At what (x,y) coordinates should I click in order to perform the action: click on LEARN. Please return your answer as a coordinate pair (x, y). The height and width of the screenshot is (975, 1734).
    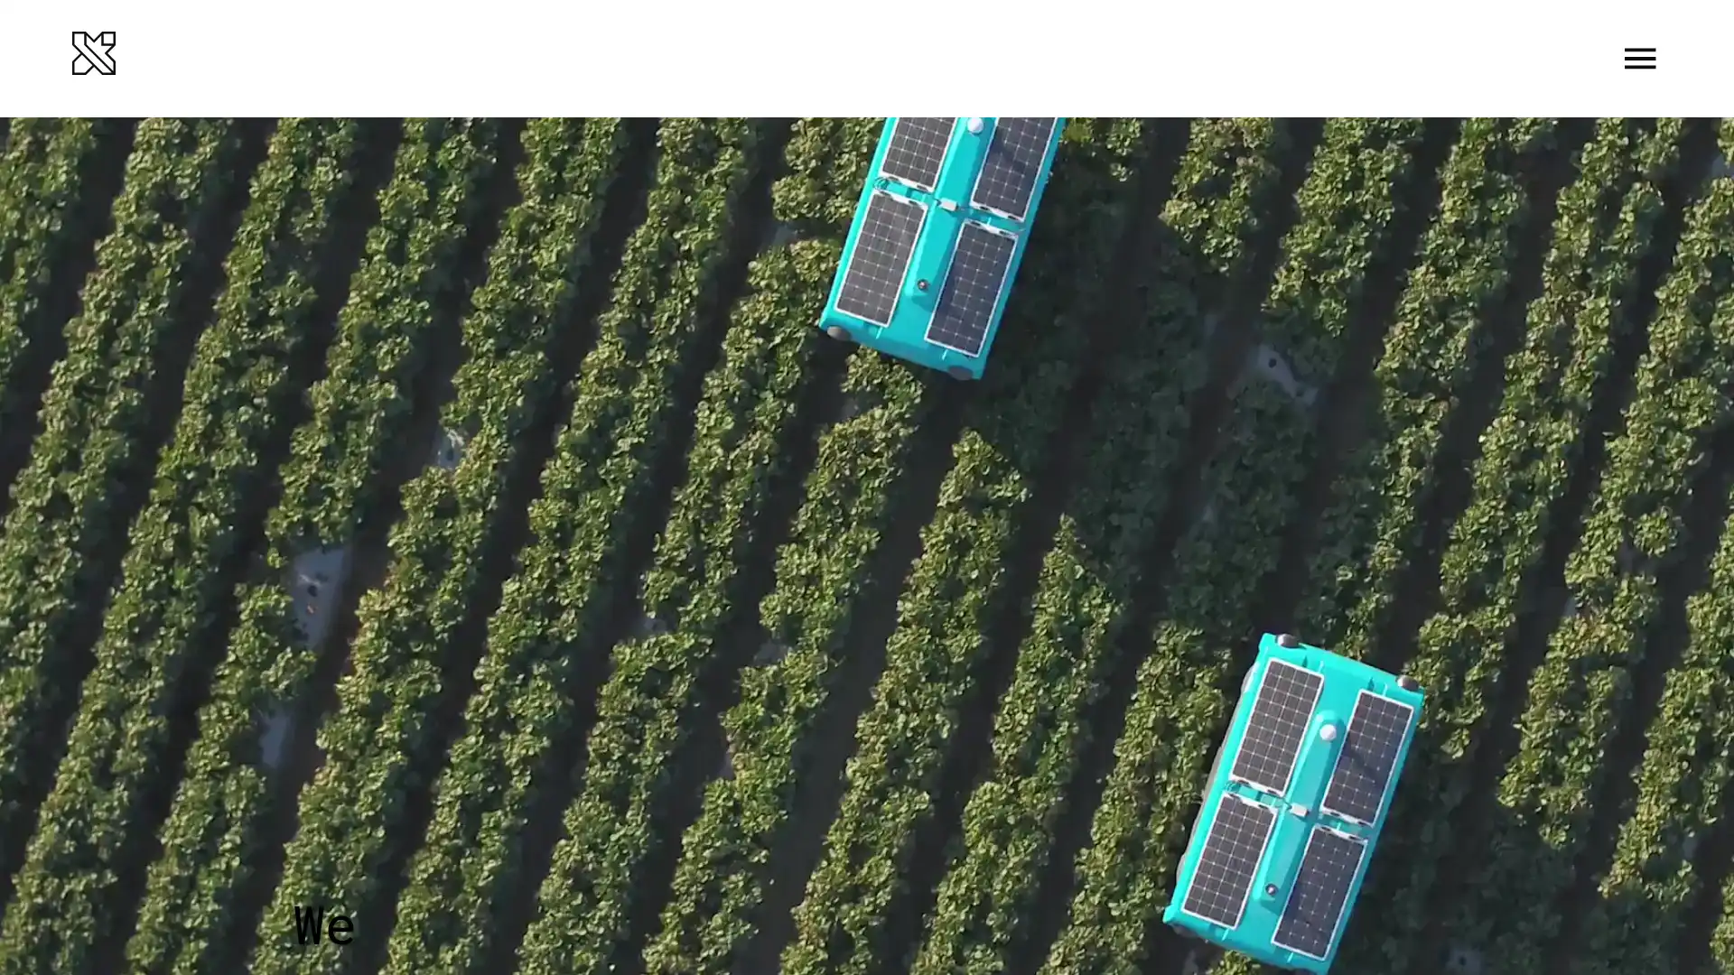
    Looking at the image, I should click on (1266, 239).